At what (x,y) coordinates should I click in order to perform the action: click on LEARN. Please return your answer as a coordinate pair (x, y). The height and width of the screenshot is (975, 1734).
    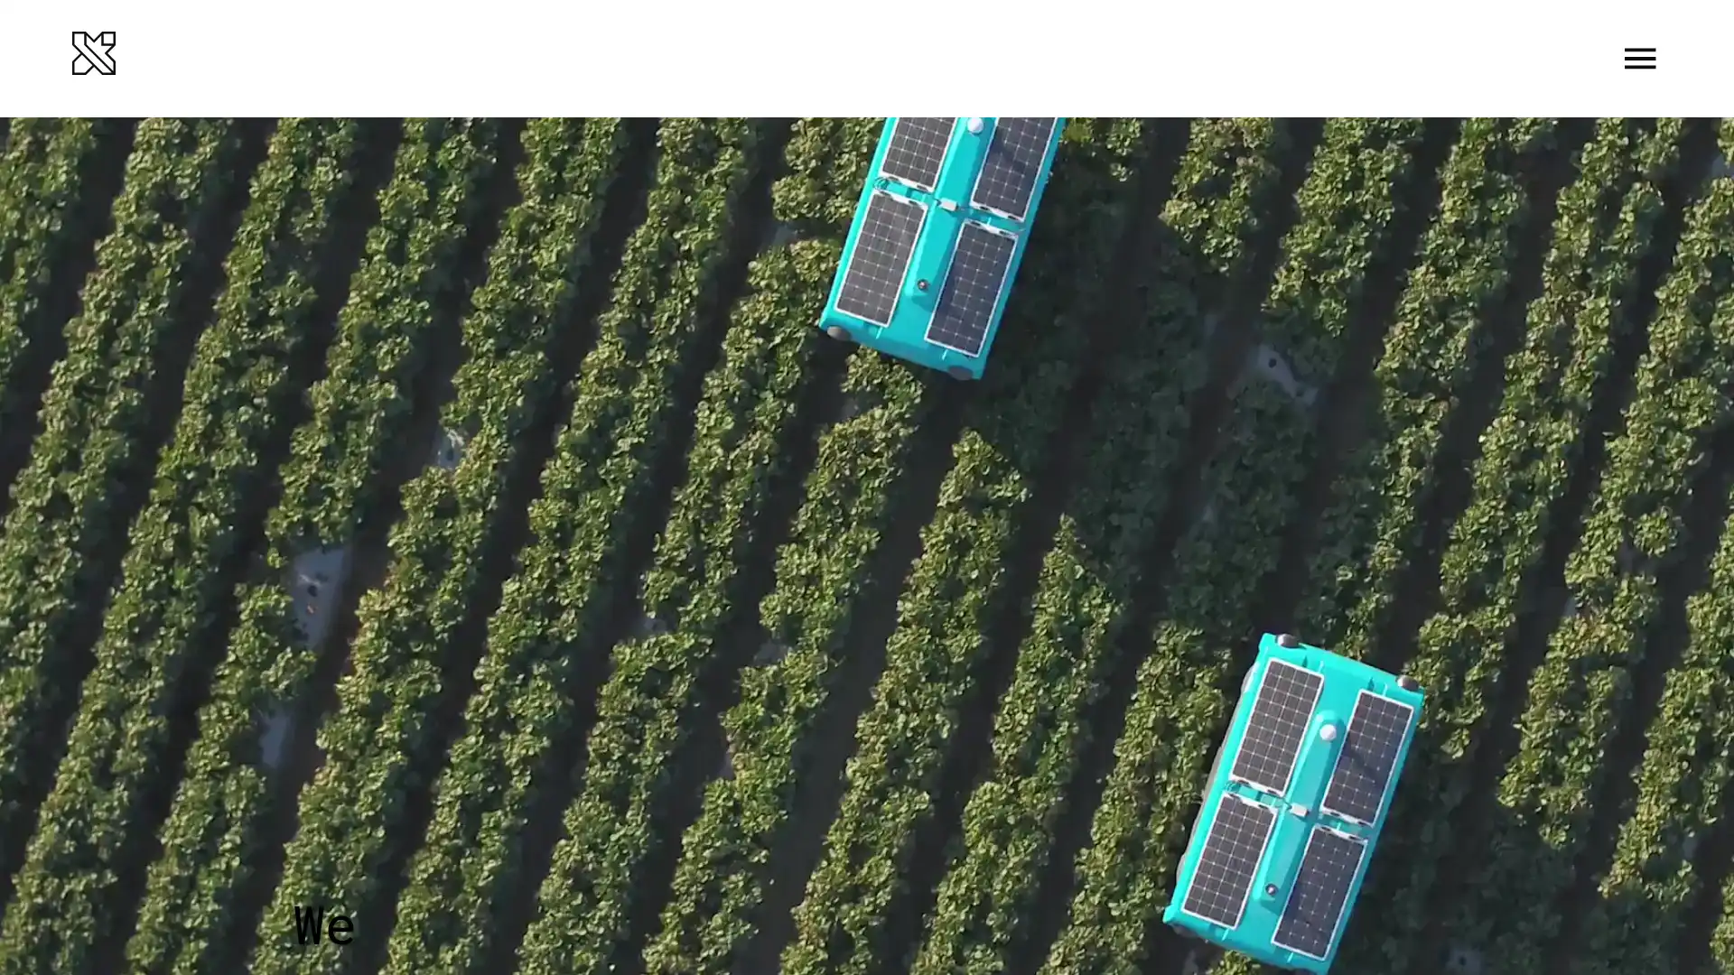
    Looking at the image, I should click on (1266, 239).